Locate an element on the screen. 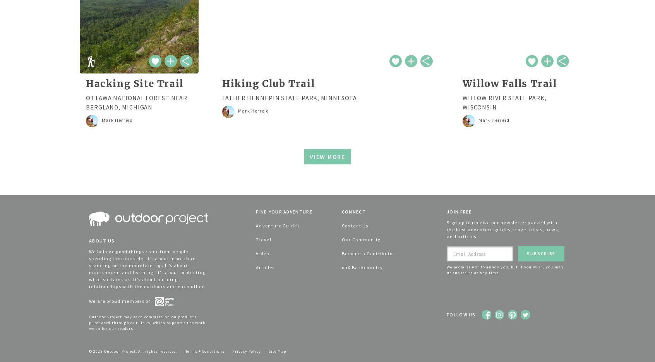 This screenshot has height=362, width=655. 'Willow River State Park, Wisconsin' is located at coordinates (504, 102).